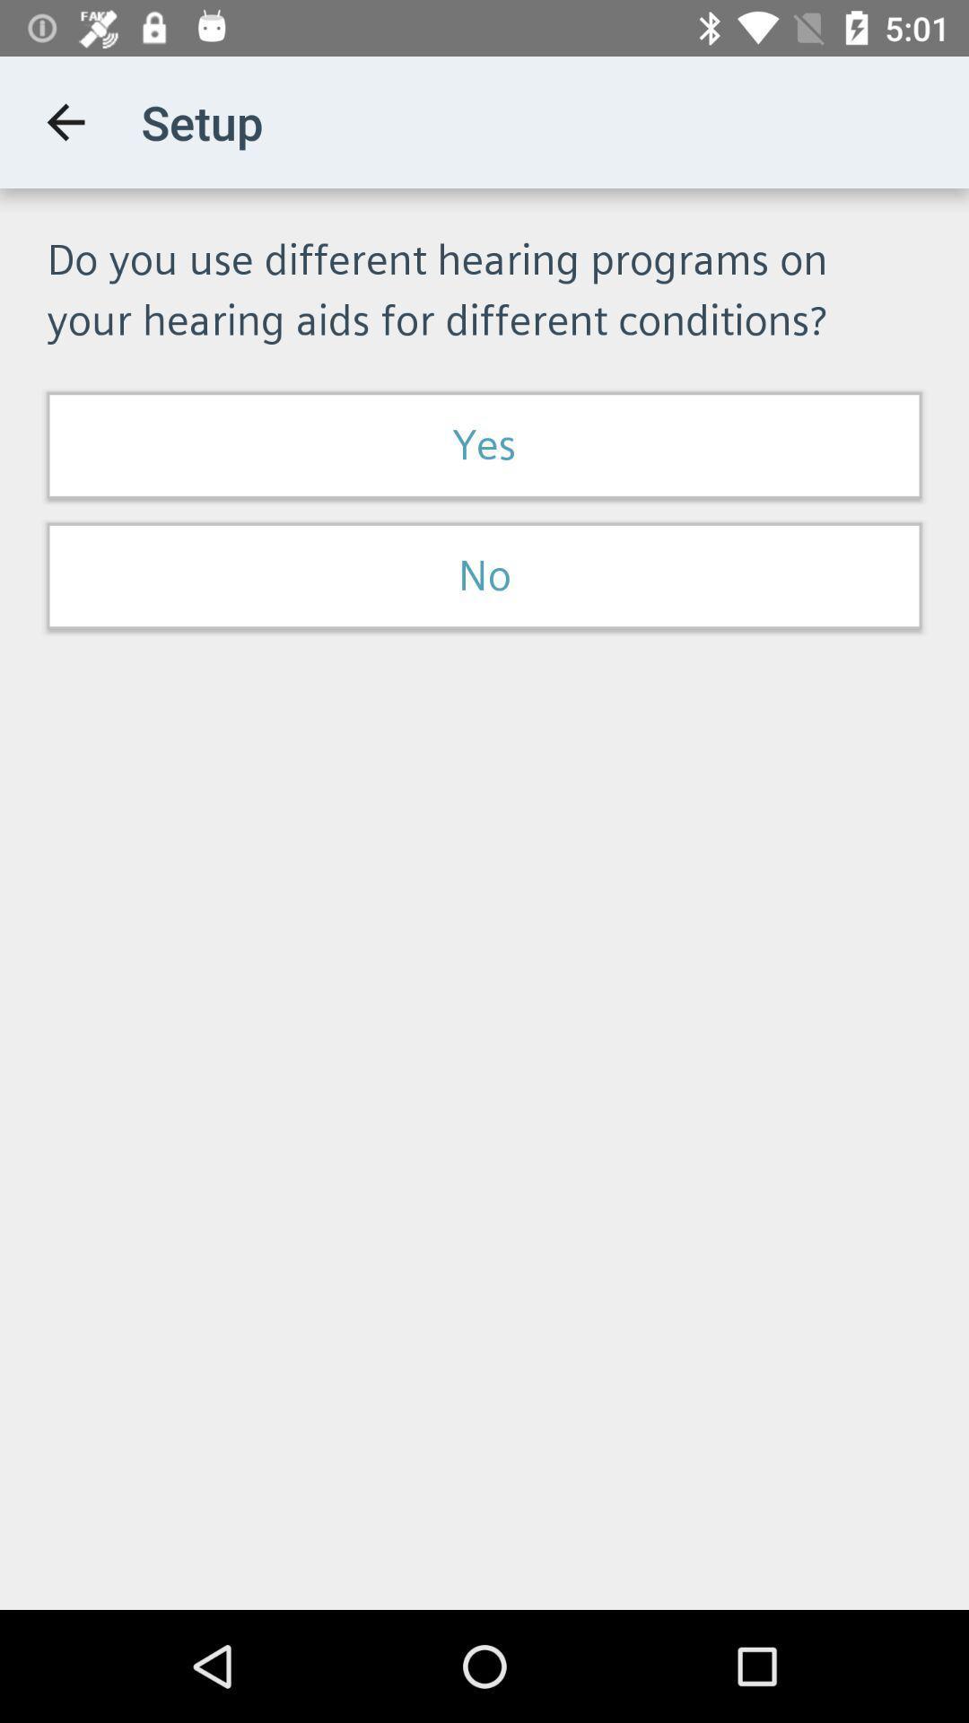 Image resolution: width=969 pixels, height=1723 pixels. I want to click on item above no, so click(484, 445).